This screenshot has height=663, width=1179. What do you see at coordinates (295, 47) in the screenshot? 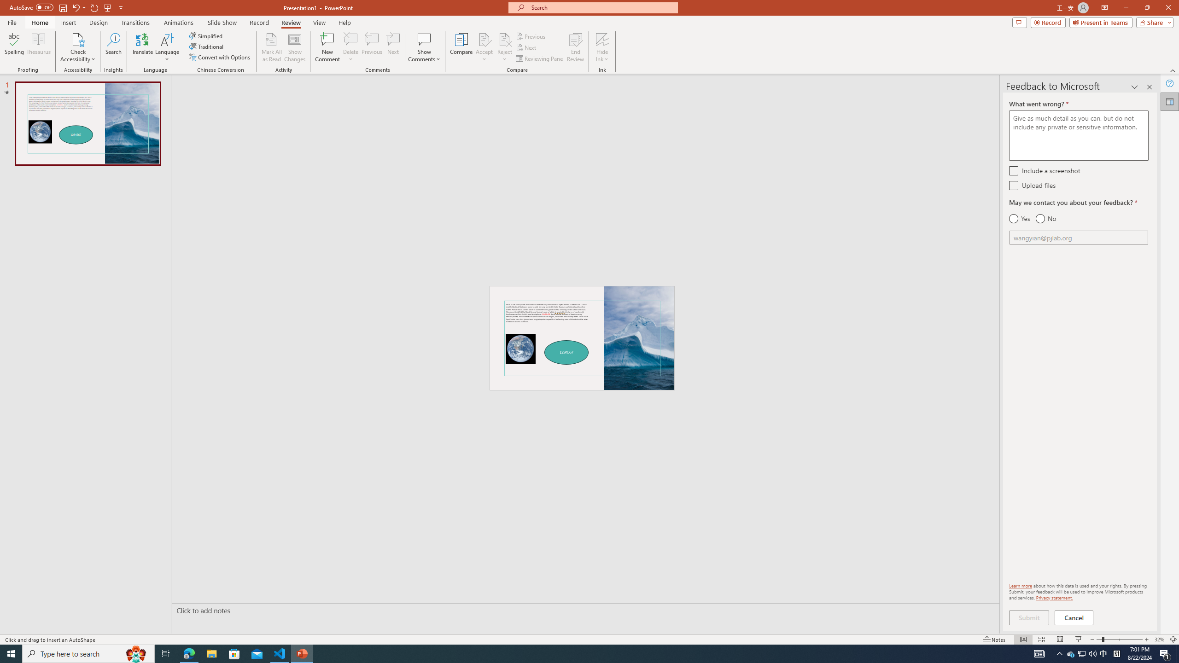
I see `'Show Changes'` at bounding box center [295, 47].